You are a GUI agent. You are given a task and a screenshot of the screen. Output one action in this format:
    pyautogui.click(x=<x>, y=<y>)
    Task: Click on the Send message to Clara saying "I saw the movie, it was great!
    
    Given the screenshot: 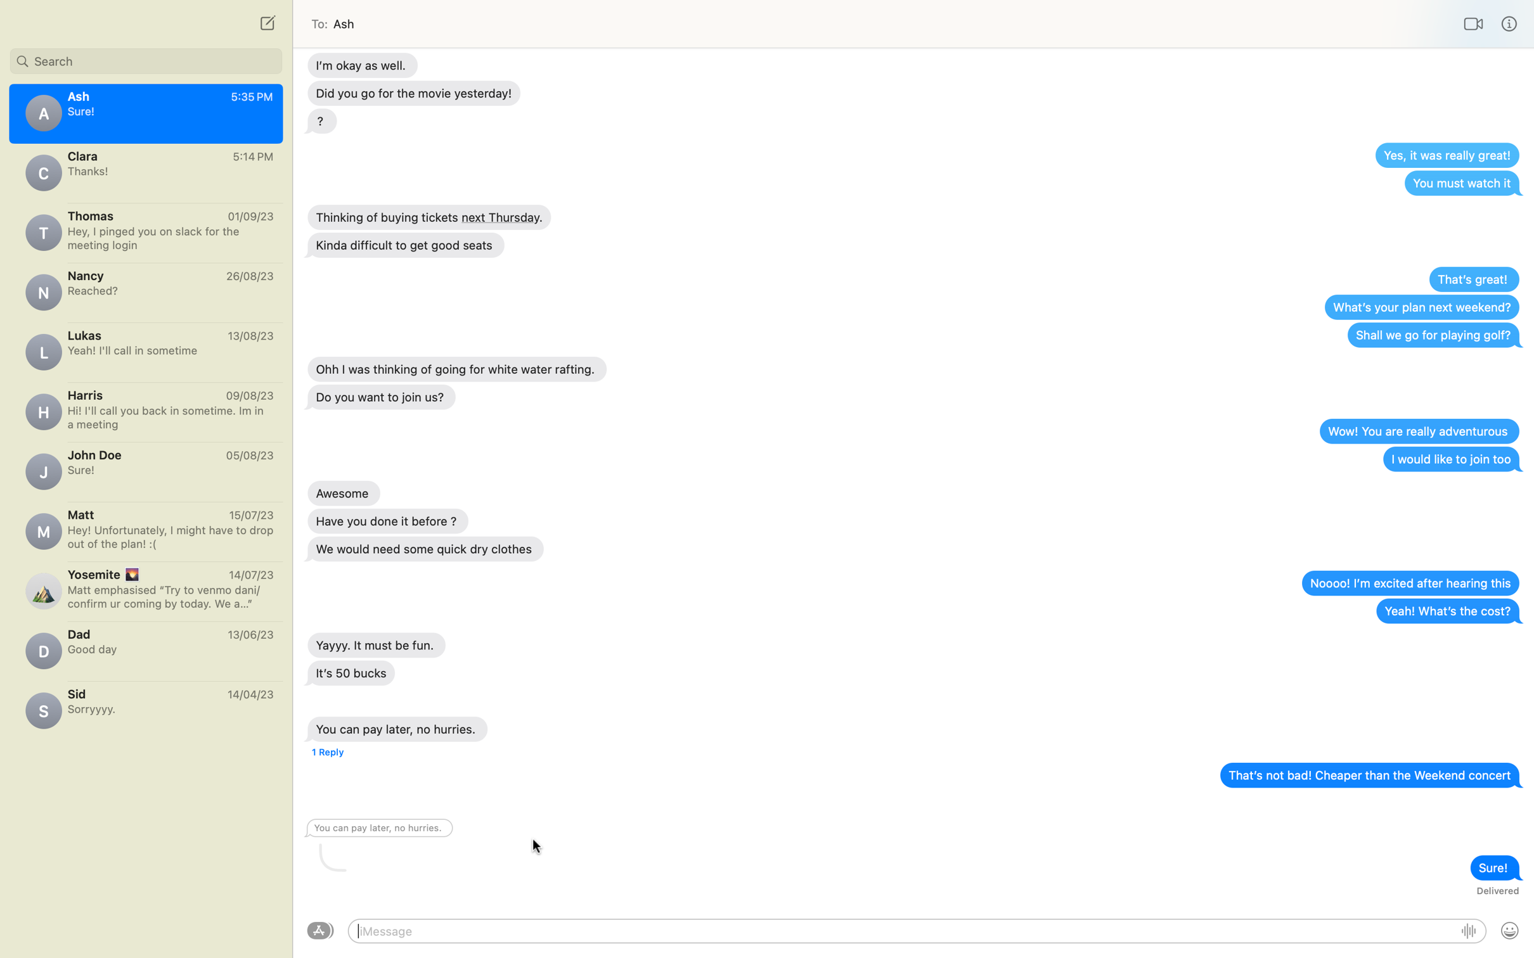 What is the action you would take?
    pyautogui.click(x=145, y=172)
    